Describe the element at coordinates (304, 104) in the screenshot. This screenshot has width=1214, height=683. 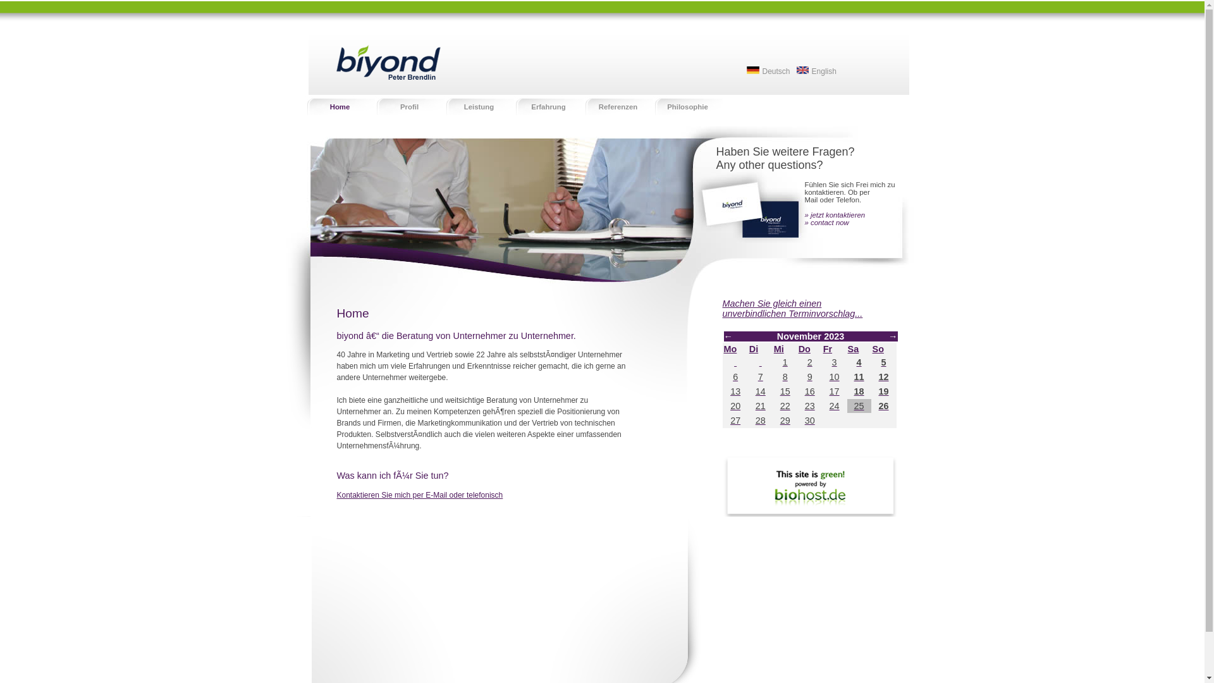
I see `'Home'` at that location.